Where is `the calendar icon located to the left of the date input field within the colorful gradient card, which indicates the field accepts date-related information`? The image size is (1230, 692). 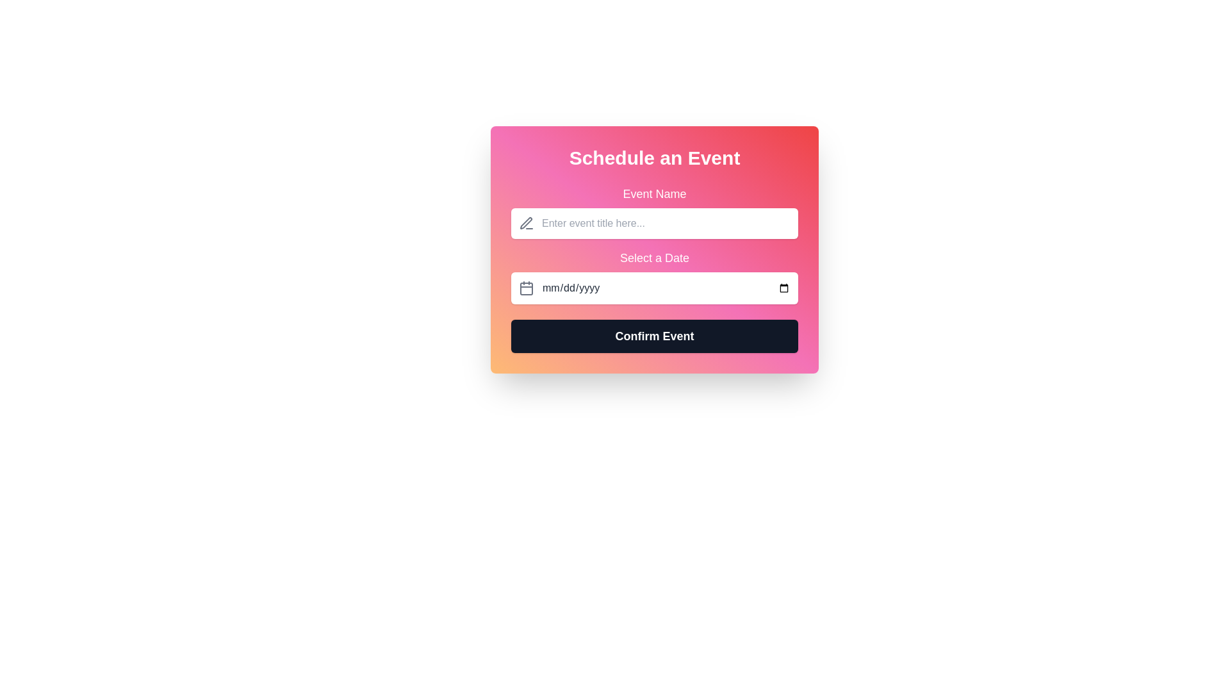
the calendar icon located to the left of the date input field within the colorful gradient card, which indicates the field accepts date-related information is located at coordinates (526, 288).